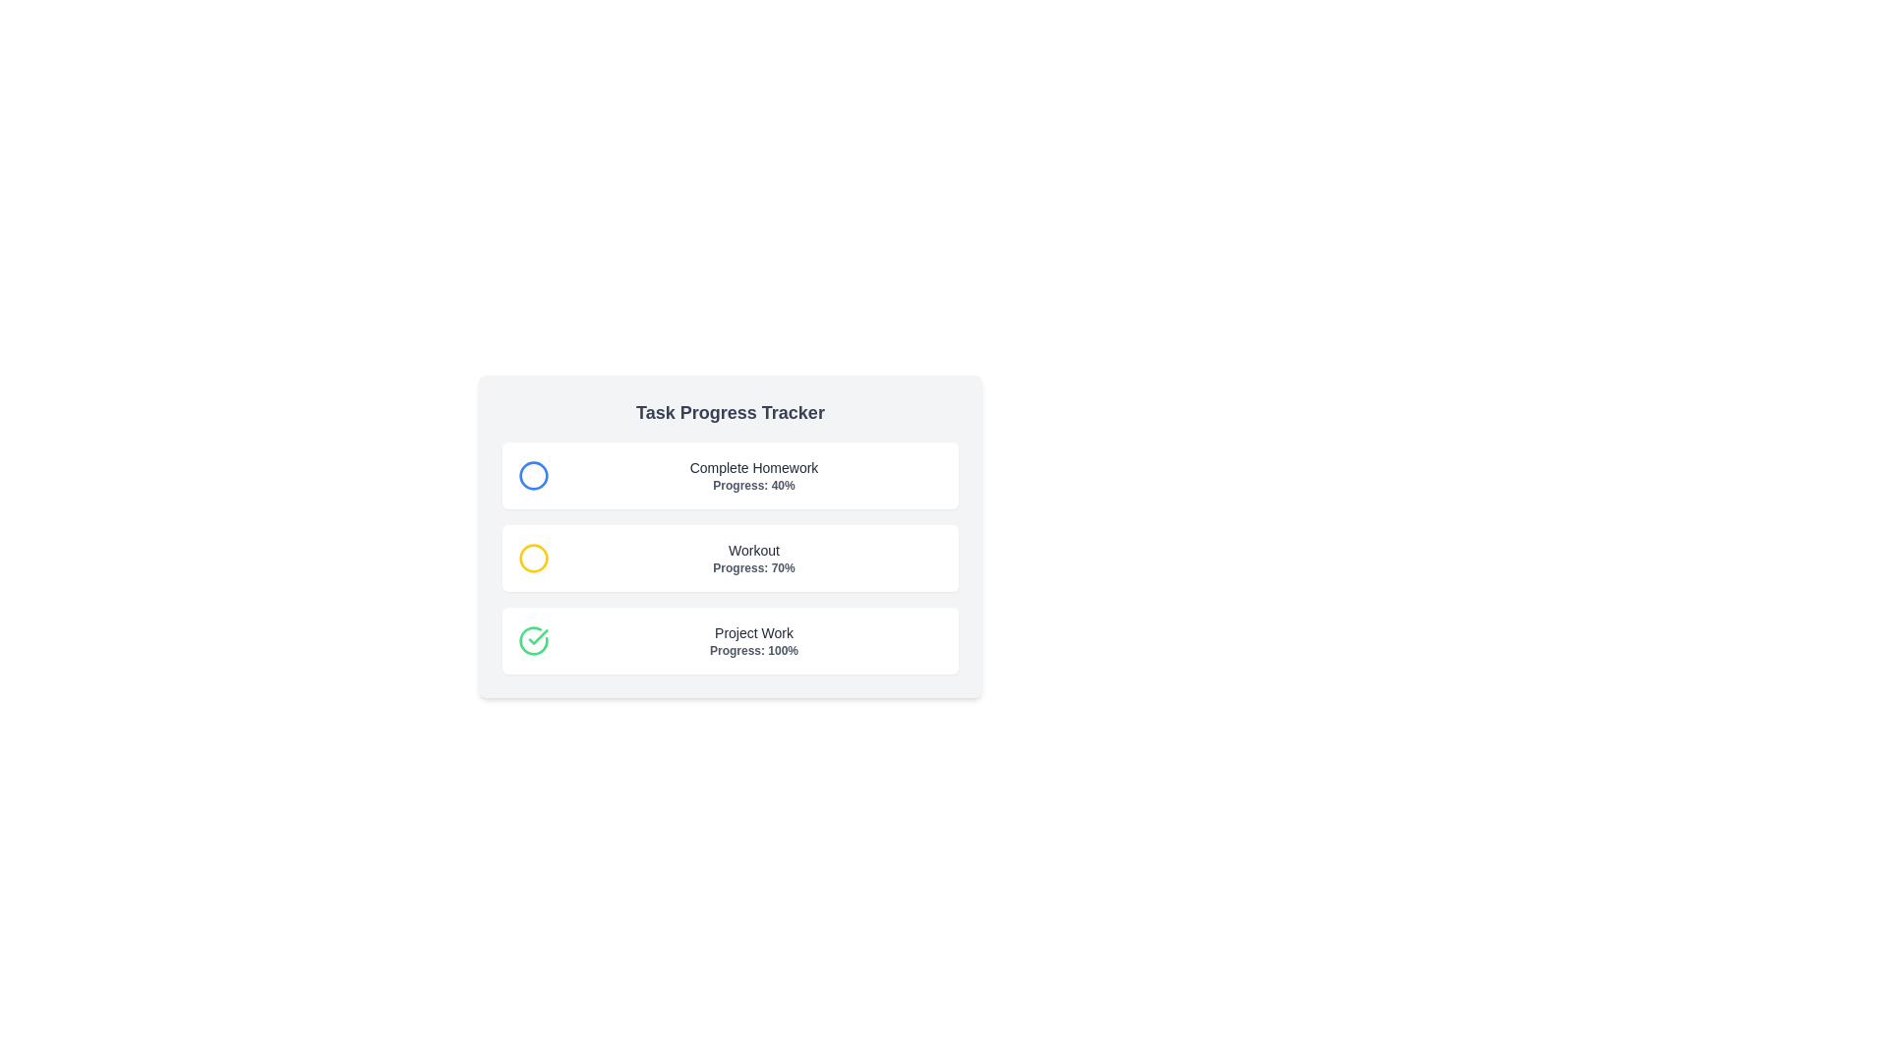 Image resolution: width=1888 pixels, height=1062 pixels. I want to click on the progress card component representing the 'Workout' task, which shows a completion percentage of 70%. This card is positioned between the 'Complete Homework' and 'Project Work' cards in the vertical list of task progress indicators, so click(730, 558).